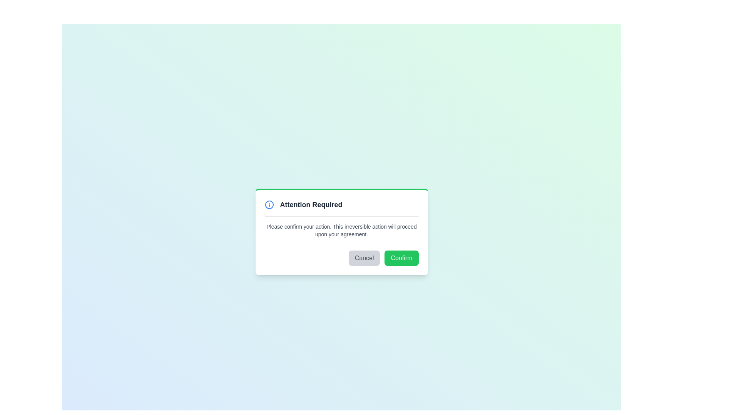 Image resolution: width=739 pixels, height=415 pixels. What do you see at coordinates (341, 207) in the screenshot?
I see `the 'Attention Required' header text, which is styled in bold and blue, to trigger the tooltip` at bounding box center [341, 207].